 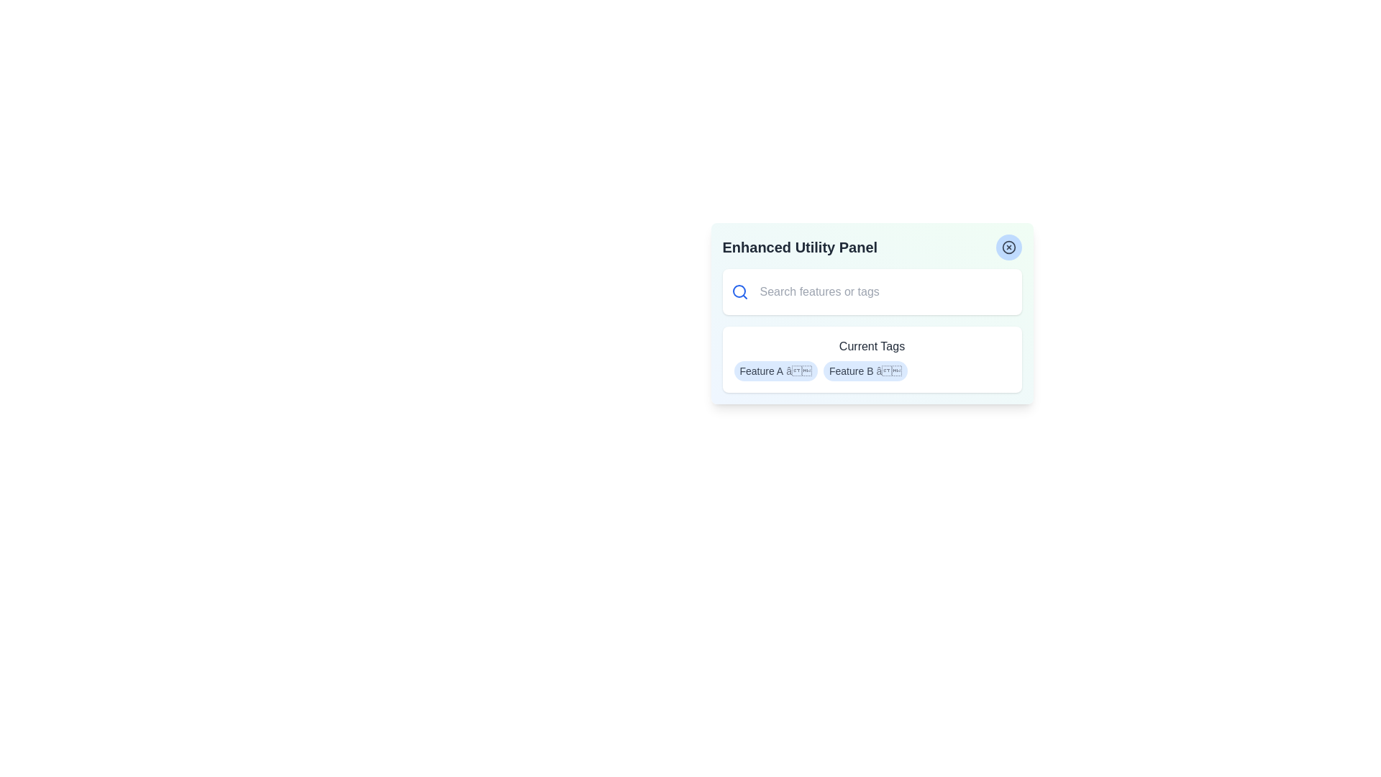 What do you see at coordinates (1008, 246) in the screenshot?
I see `the close button icon located in the top-right corner of the 'Enhanced Utility Panel' for keyboard navigation` at bounding box center [1008, 246].